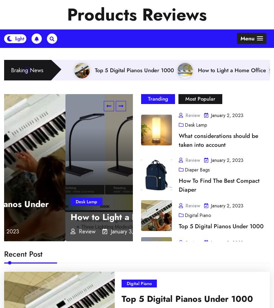  I want to click on 'On the market, there are', so click(151, 286).